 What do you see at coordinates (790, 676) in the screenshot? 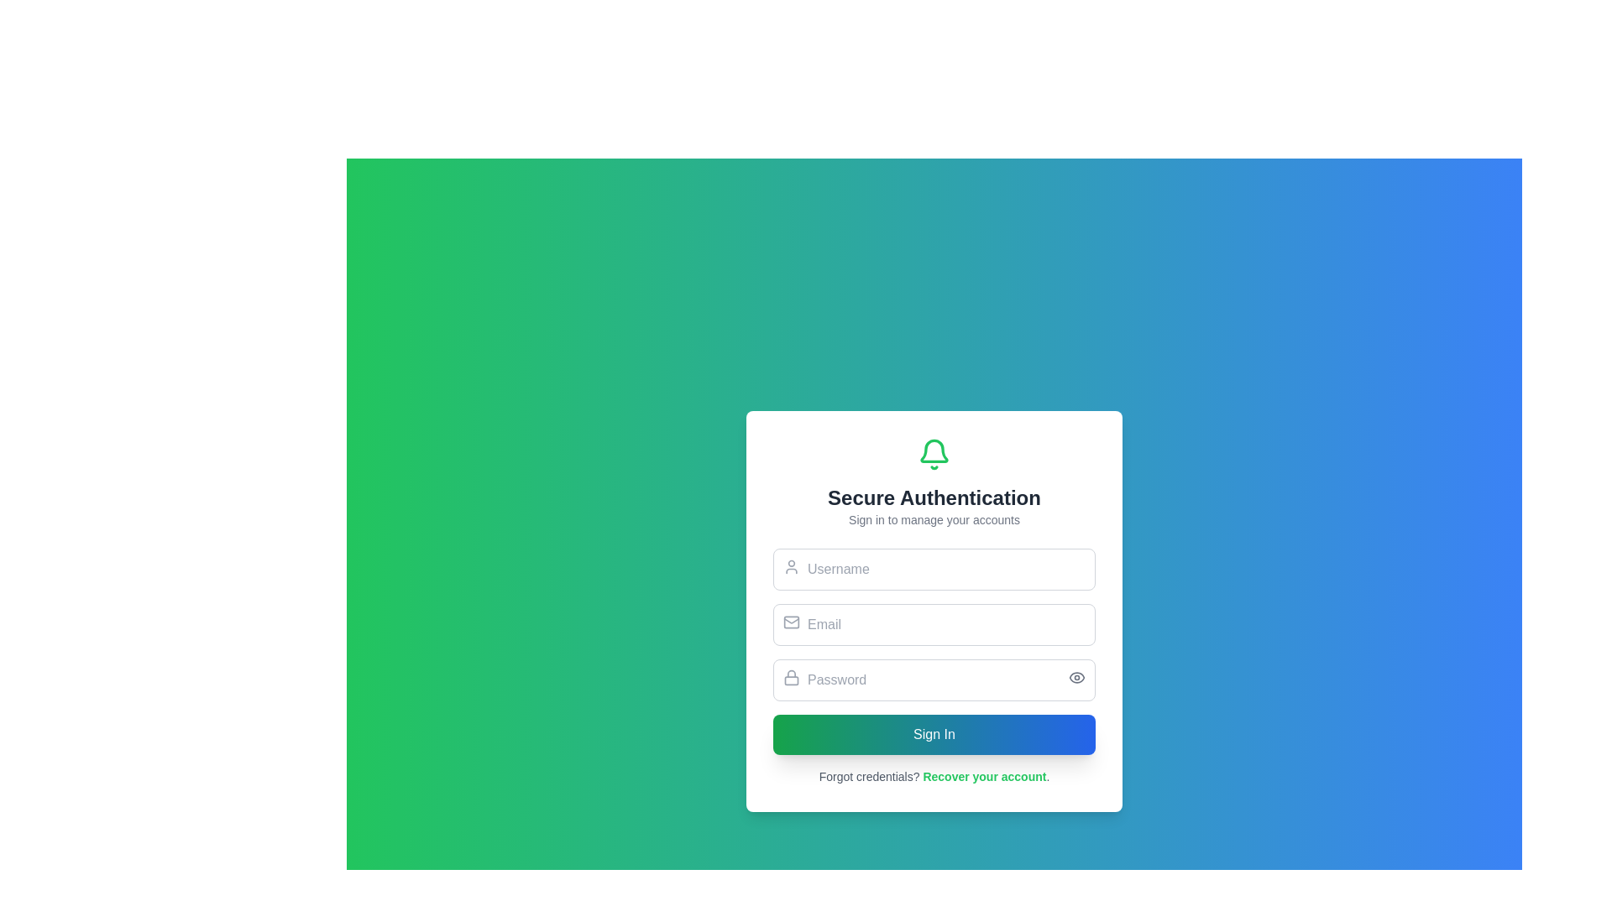
I see `the lock icon located on the left side of the password input field, adjacent to the placeholder text 'Password'` at bounding box center [790, 676].